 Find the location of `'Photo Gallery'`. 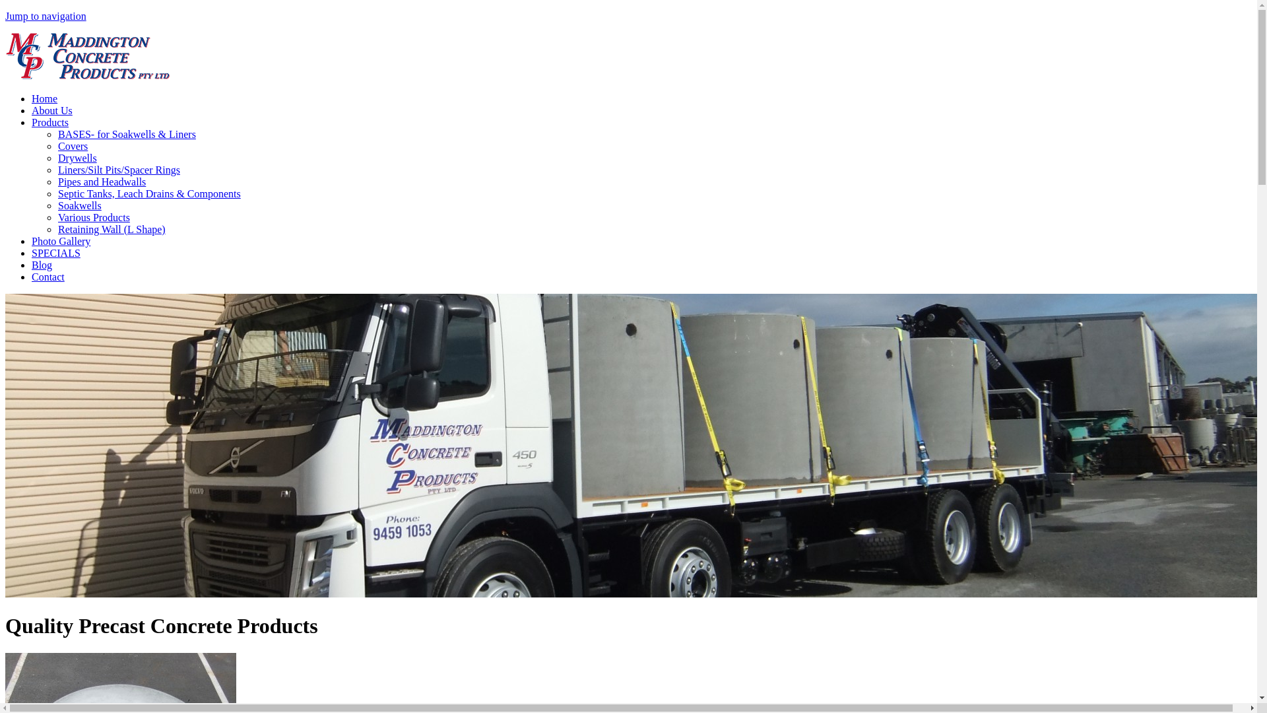

'Photo Gallery' is located at coordinates (60, 241).